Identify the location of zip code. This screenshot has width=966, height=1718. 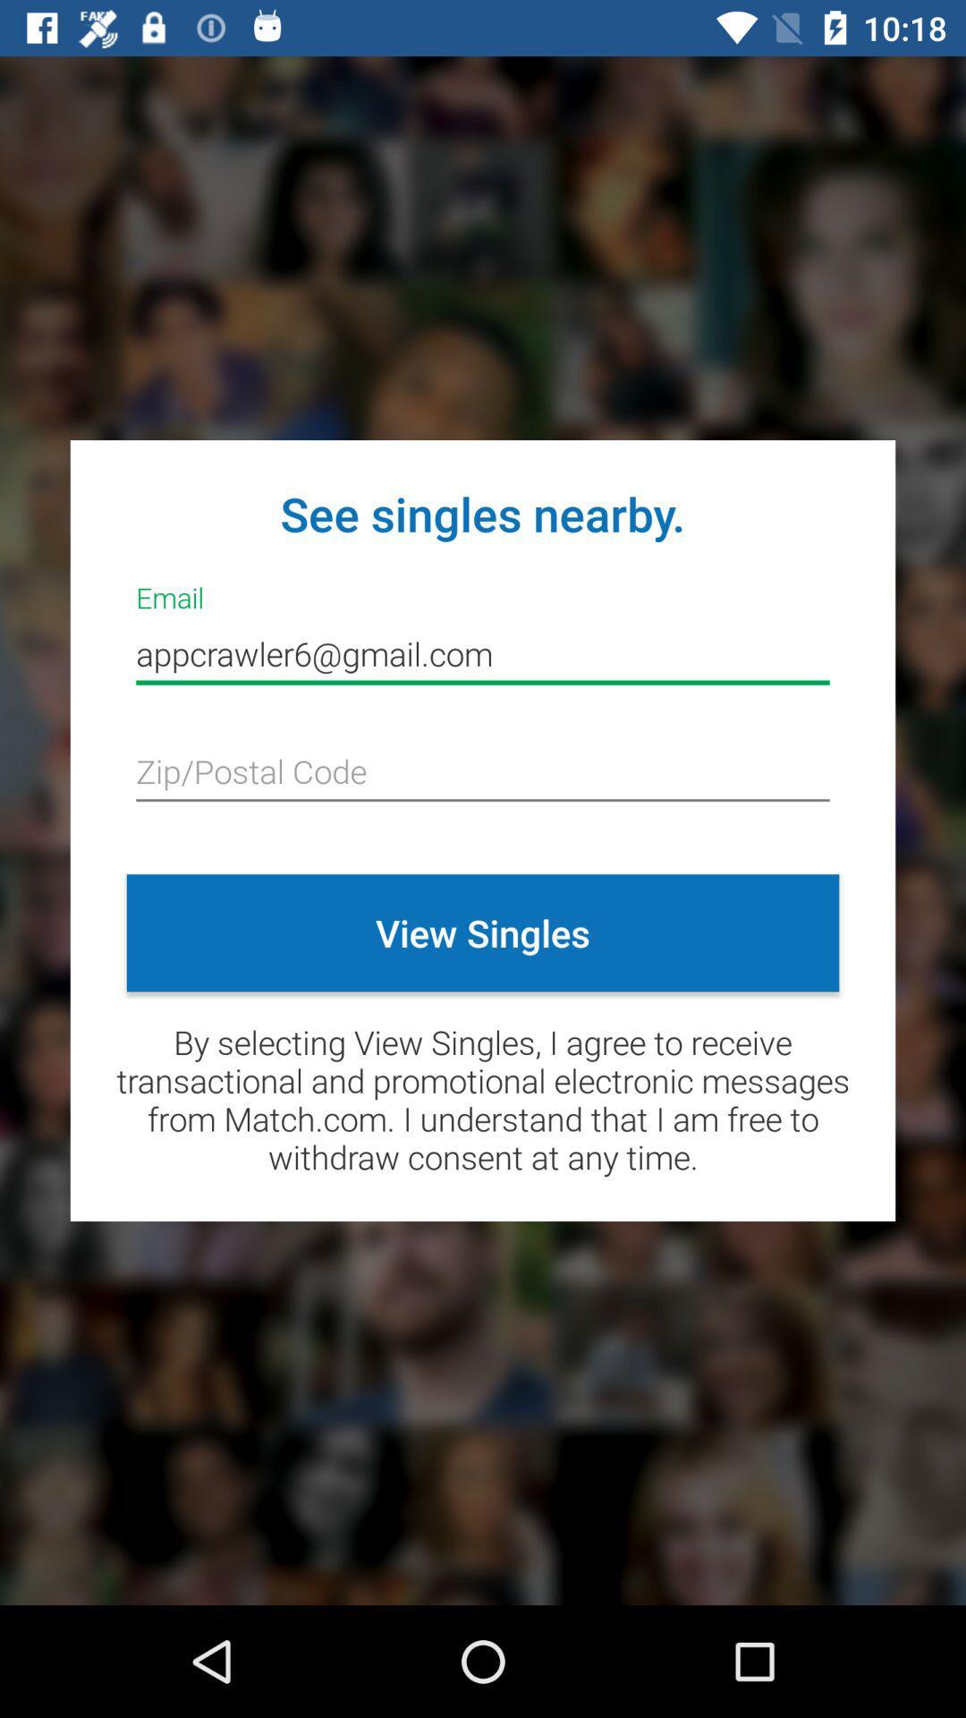
(483, 773).